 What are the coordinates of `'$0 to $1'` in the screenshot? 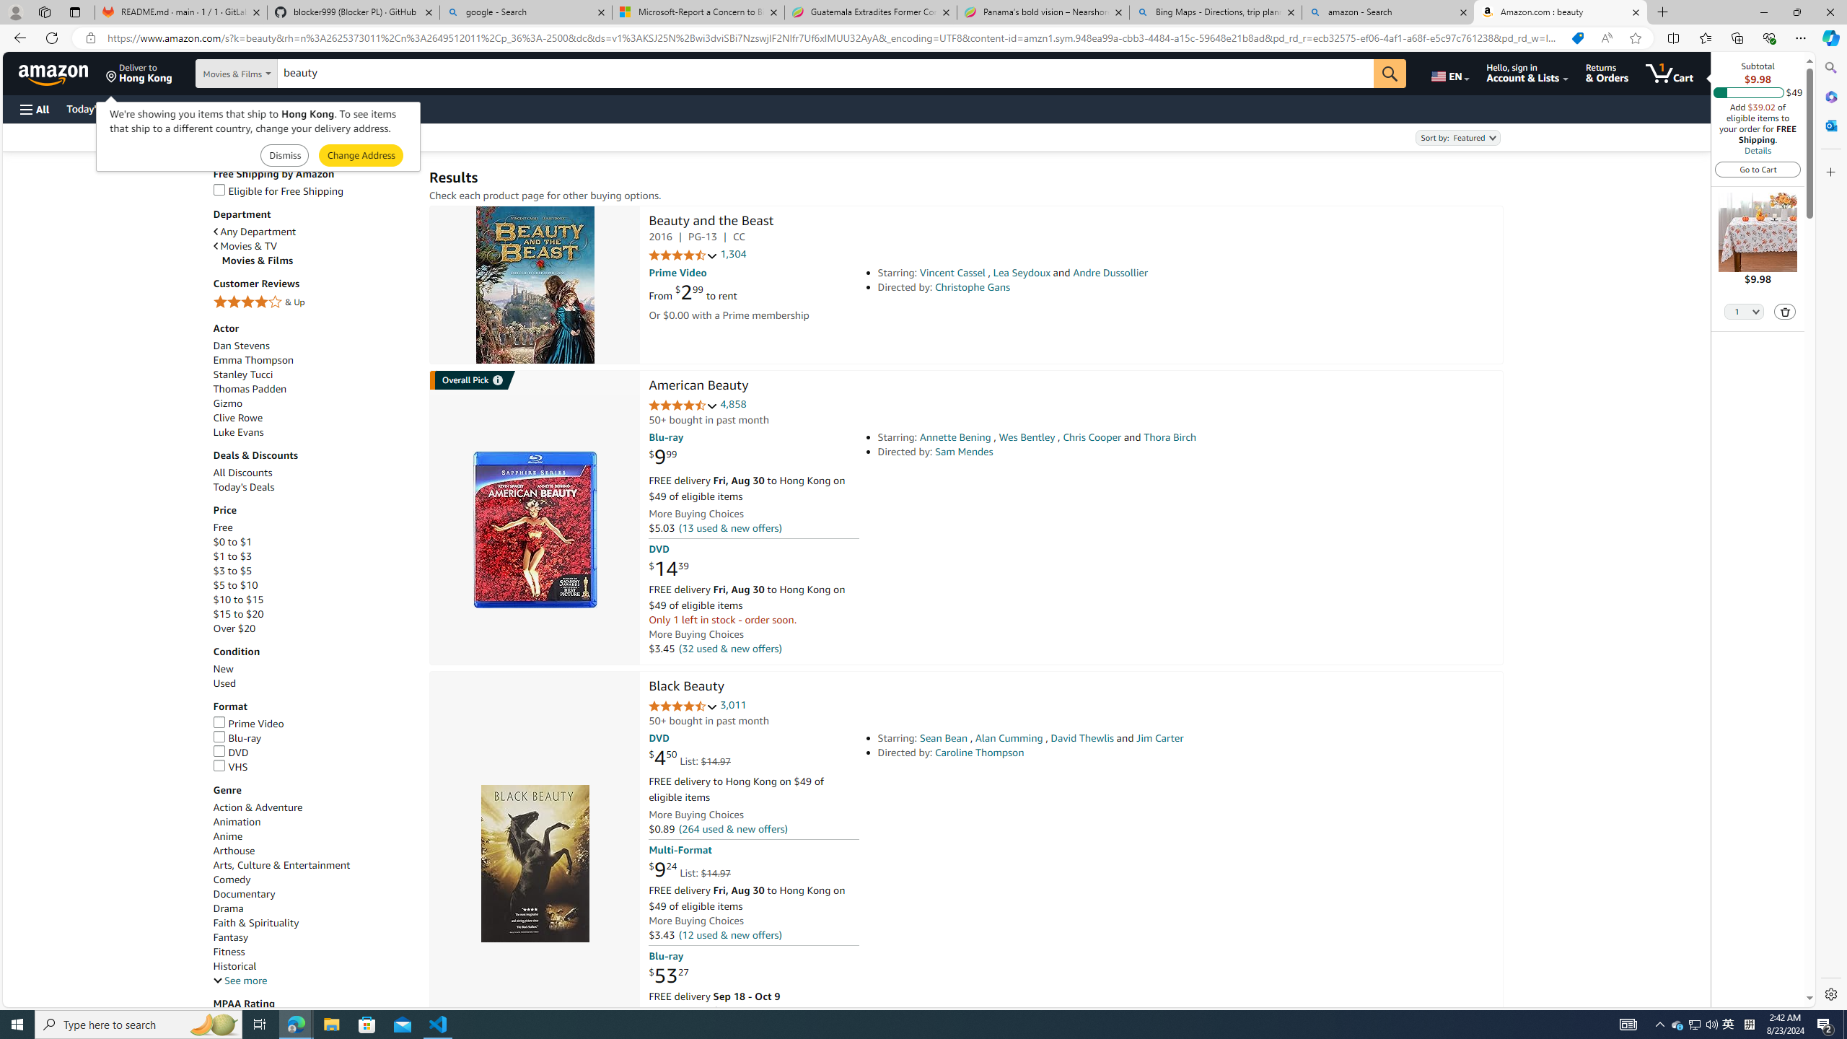 It's located at (232, 541).